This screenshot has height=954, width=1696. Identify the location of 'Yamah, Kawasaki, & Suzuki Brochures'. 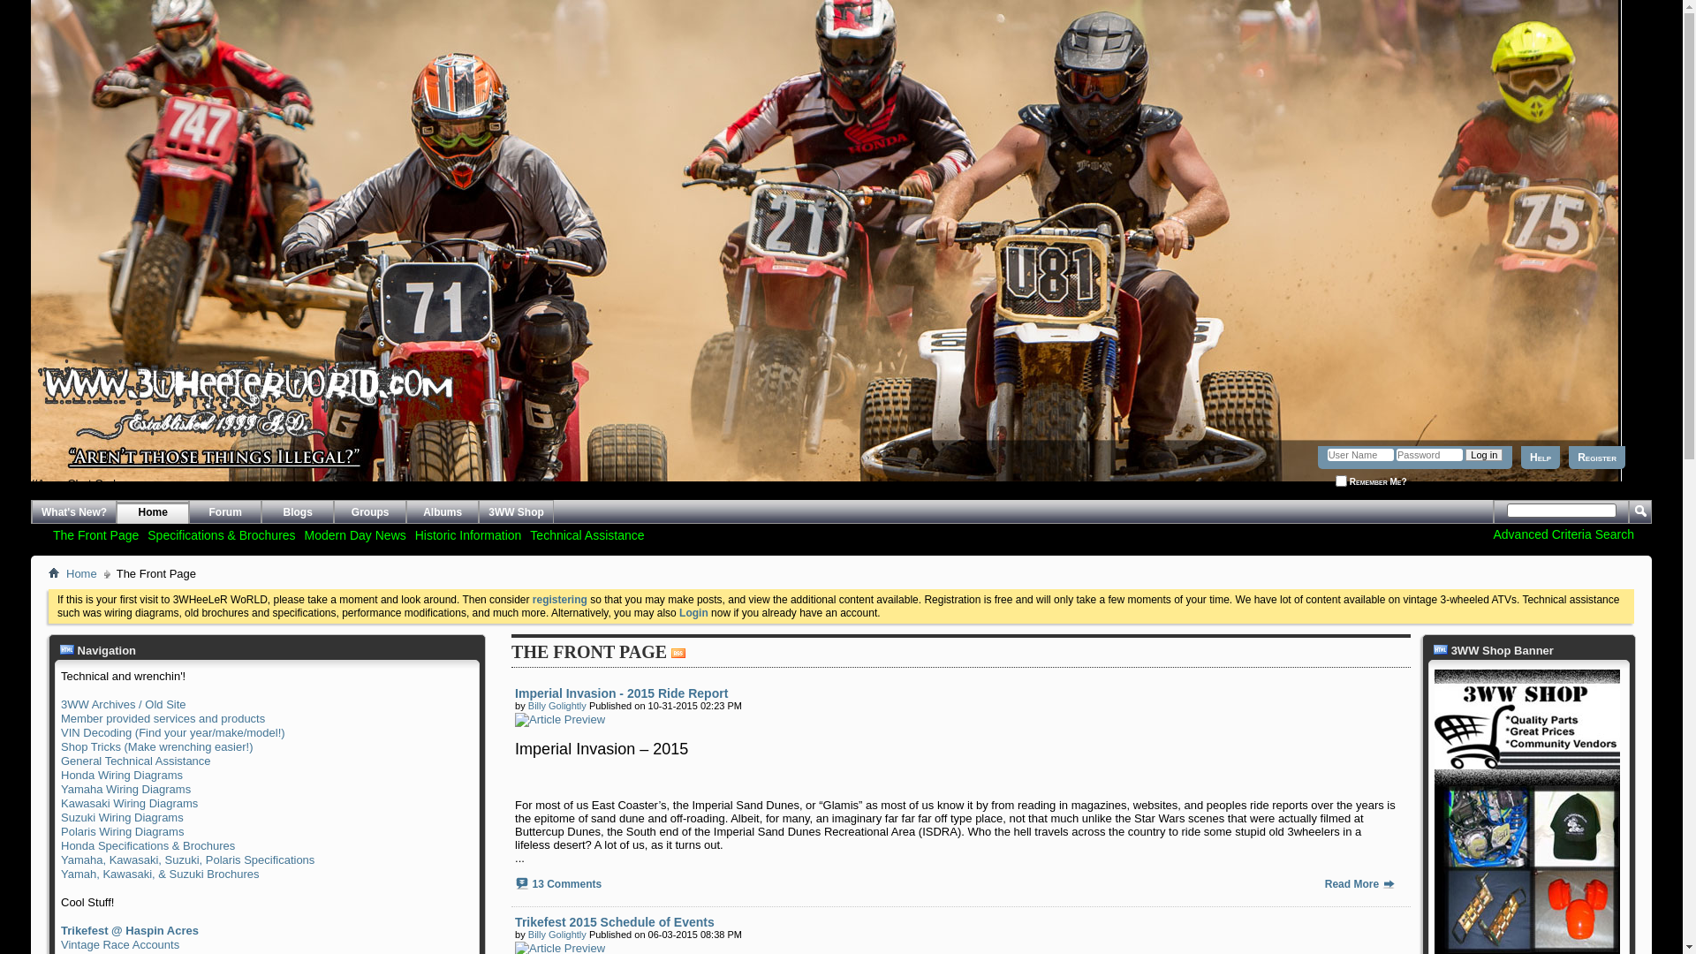
(60, 873).